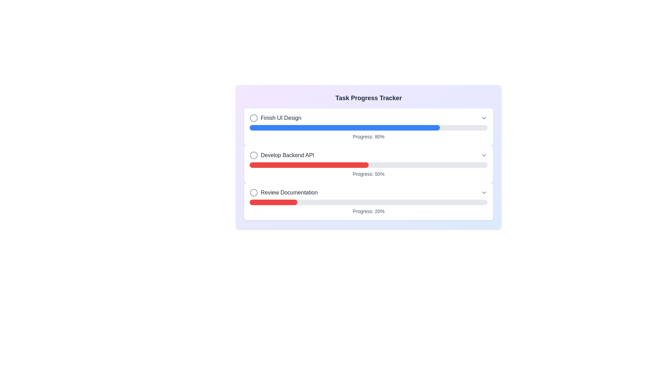 The height and width of the screenshot is (373, 664). What do you see at coordinates (345, 128) in the screenshot?
I see `the blue progress bar segment that is 80% filled under the task labeled 'Finish UI Design'` at bounding box center [345, 128].